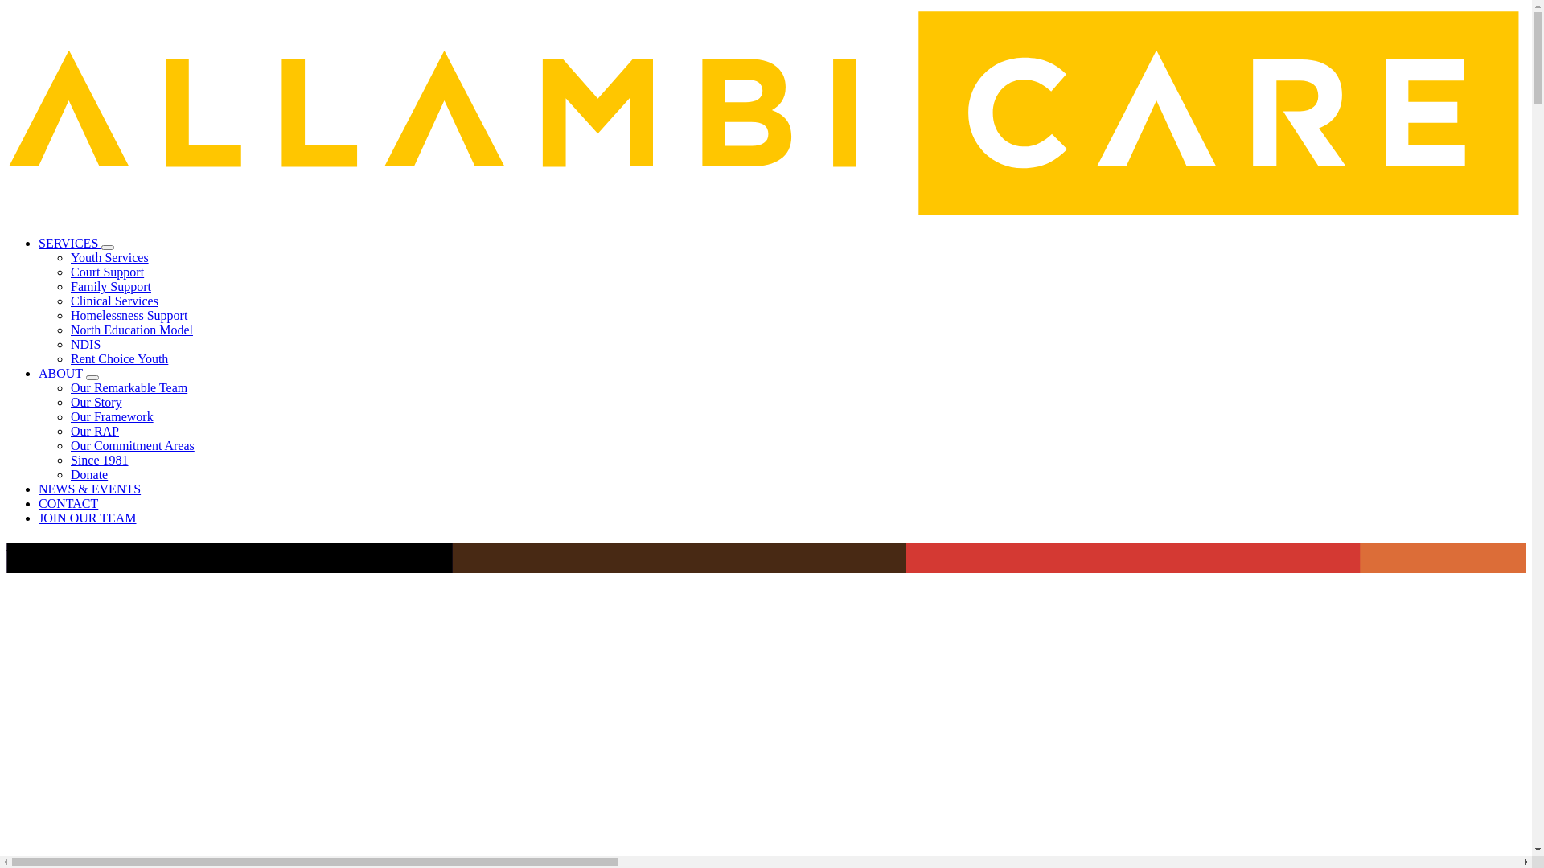  Describe the element at coordinates (84, 343) in the screenshot. I see `'NDIS'` at that location.